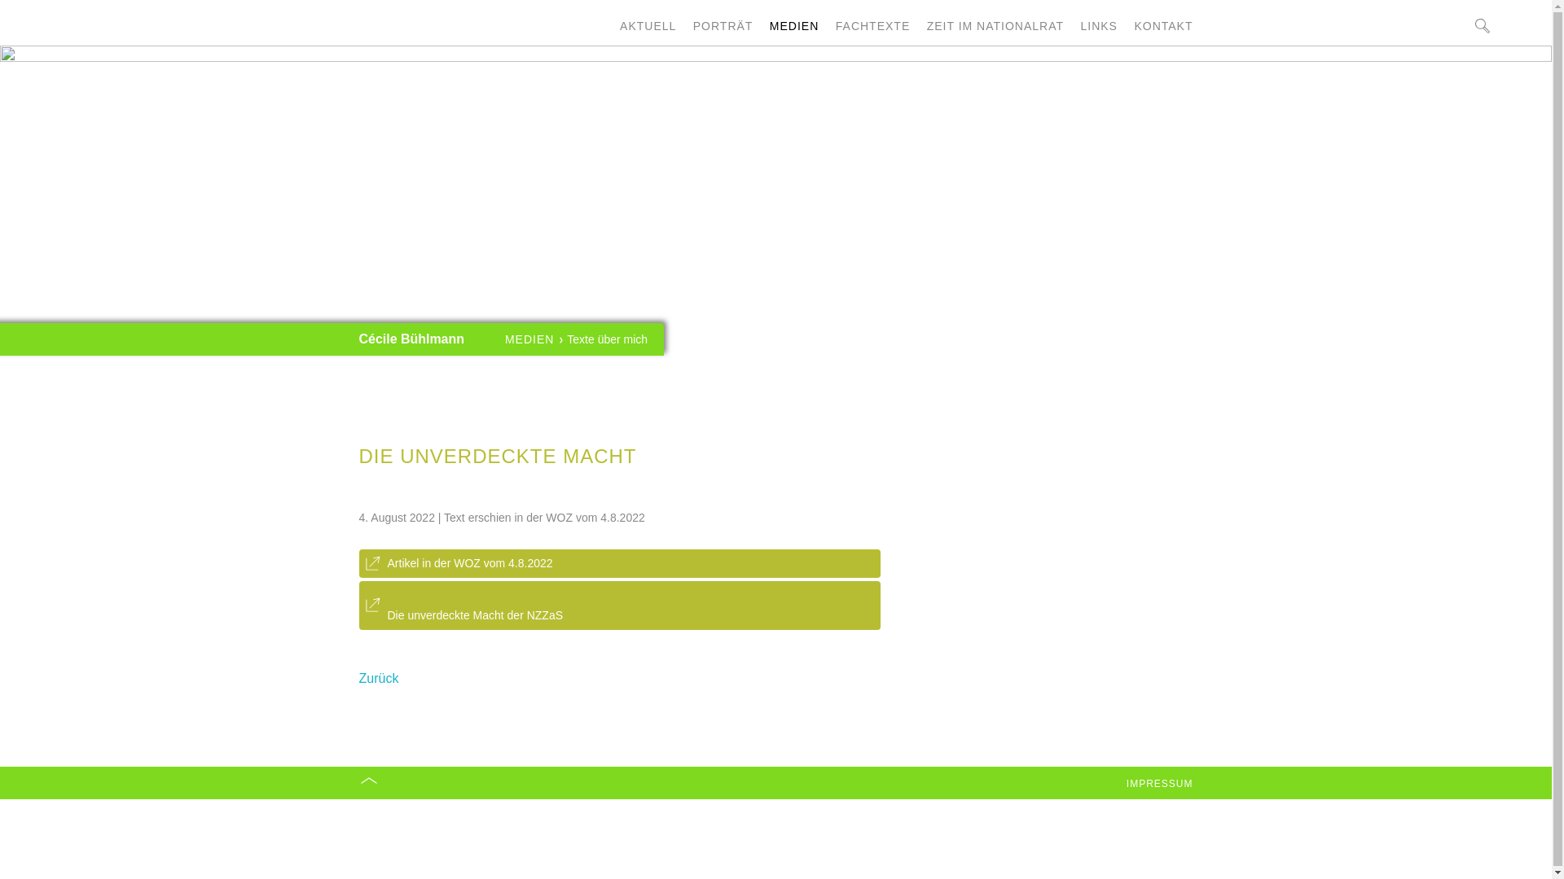 The image size is (1564, 879). Describe the element at coordinates (469, 562) in the screenshot. I see `'Artikel in der WOZ vom 4.8.2022'` at that location.